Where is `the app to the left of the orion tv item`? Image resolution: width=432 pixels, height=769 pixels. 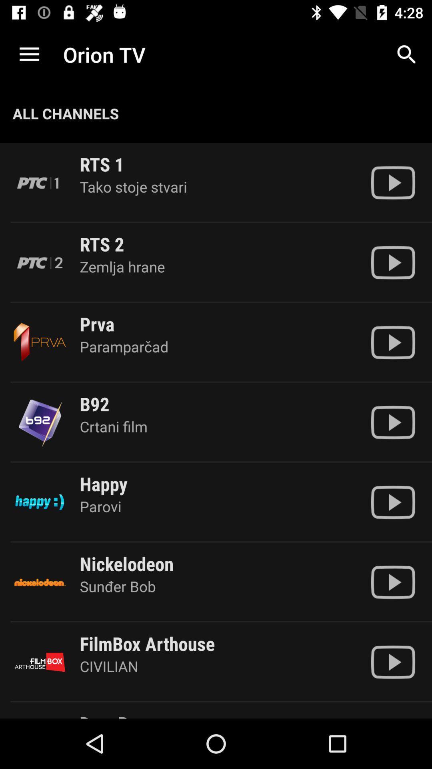 the app to the left of the orion tv item is located at coordinates (29, 54).